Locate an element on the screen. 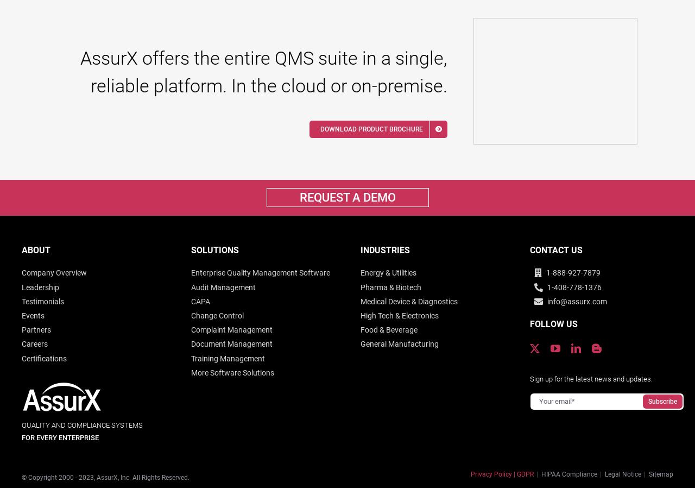  'Document Management' is located at coordinates (230, 343).